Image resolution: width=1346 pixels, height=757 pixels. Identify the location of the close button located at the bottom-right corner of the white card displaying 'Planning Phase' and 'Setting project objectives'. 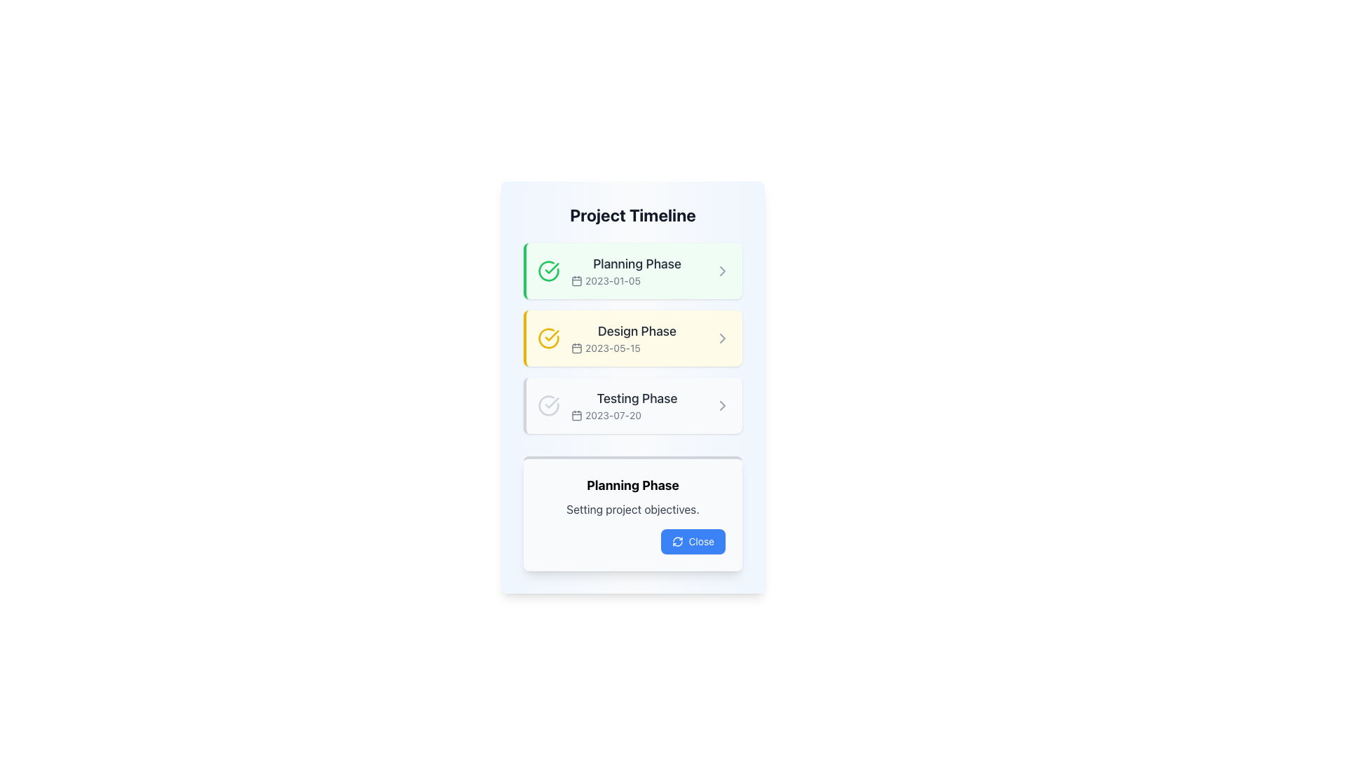
(693, 540).